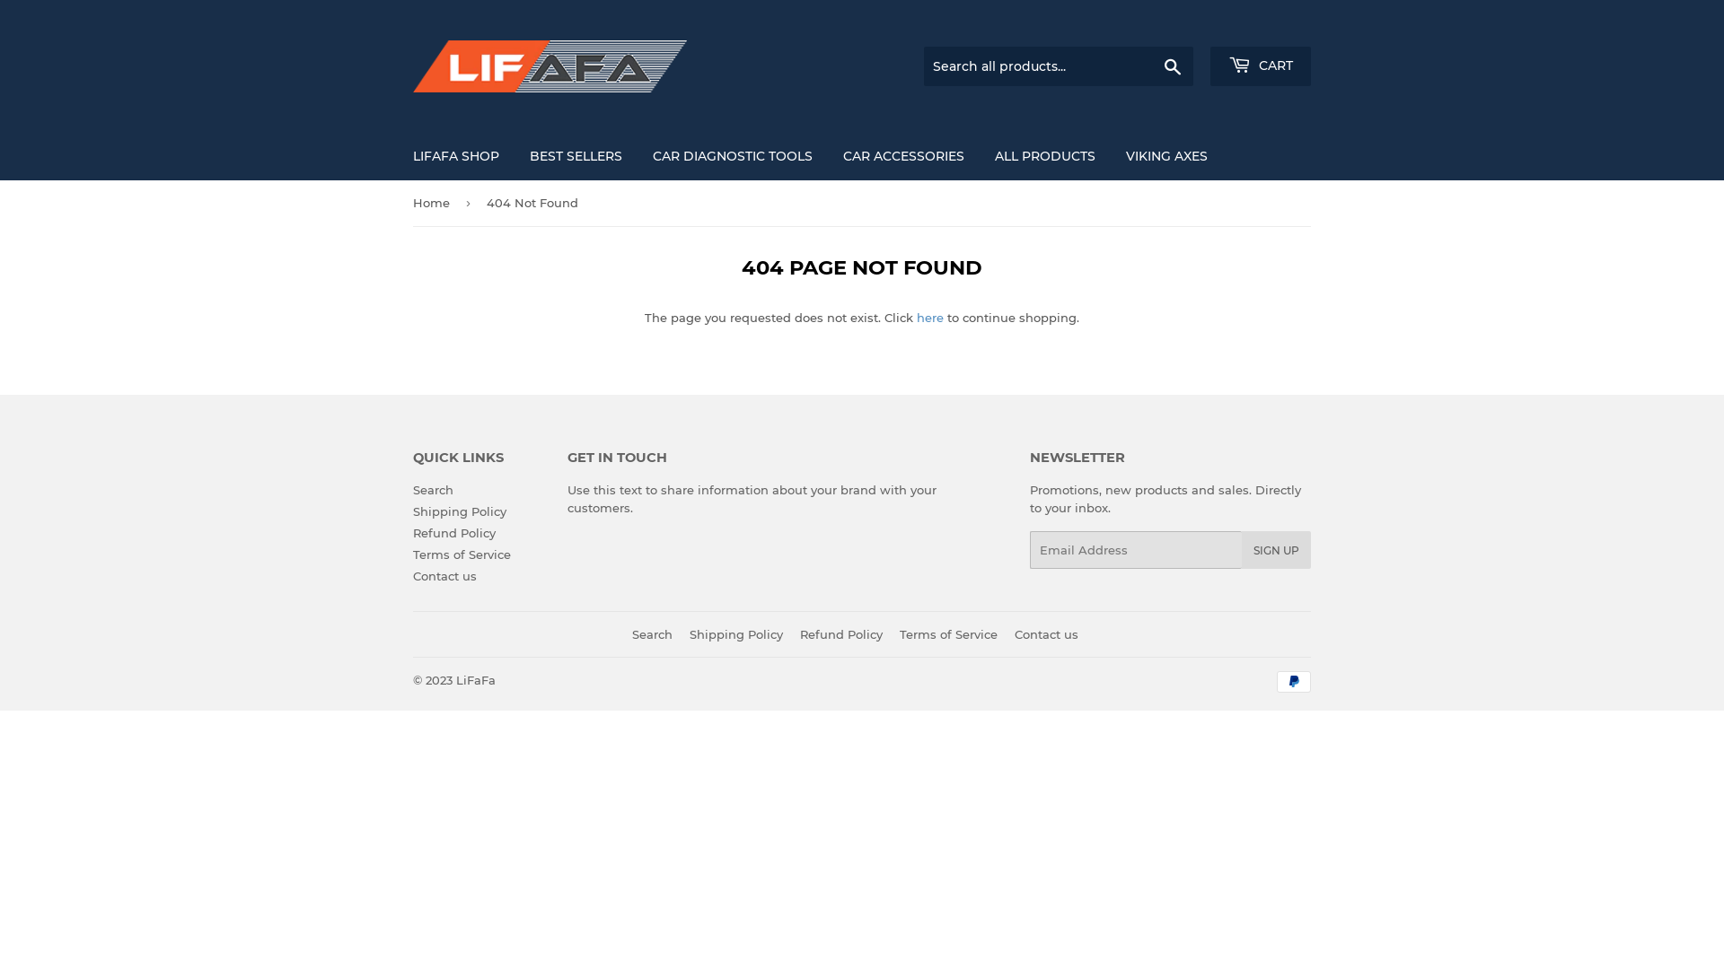  Describe the element at coordinates (947, 632) in the screenshot. I see `'Terms of Service'` at that location.